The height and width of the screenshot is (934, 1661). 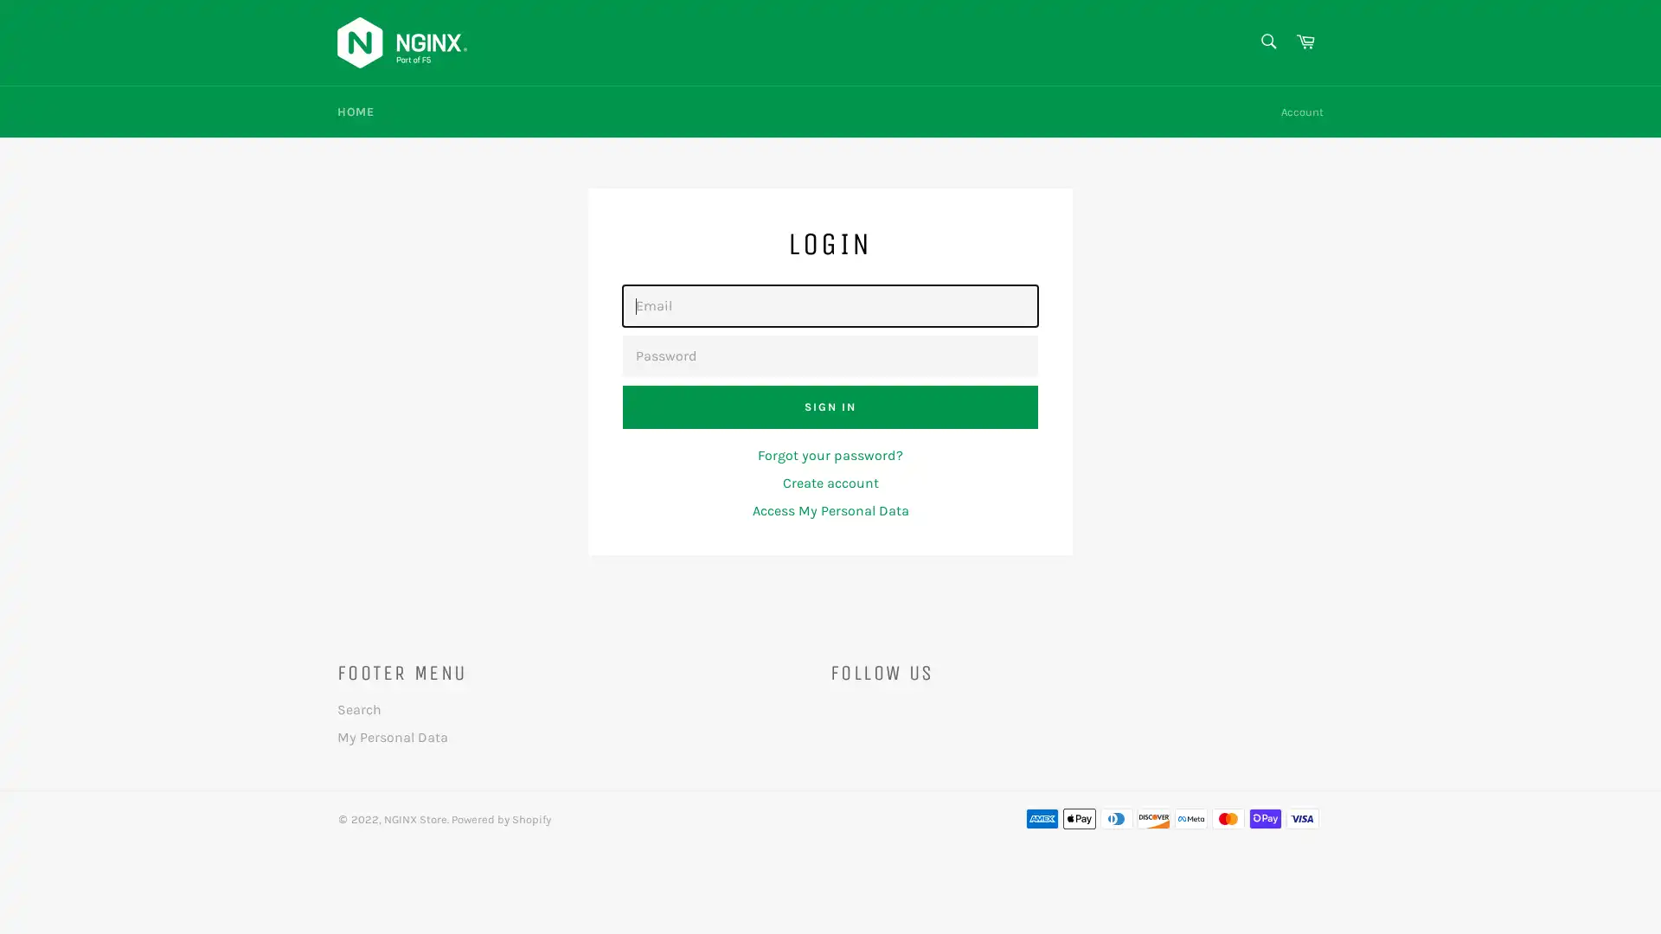 I want to click on Search, so click(x=1267, y=40).